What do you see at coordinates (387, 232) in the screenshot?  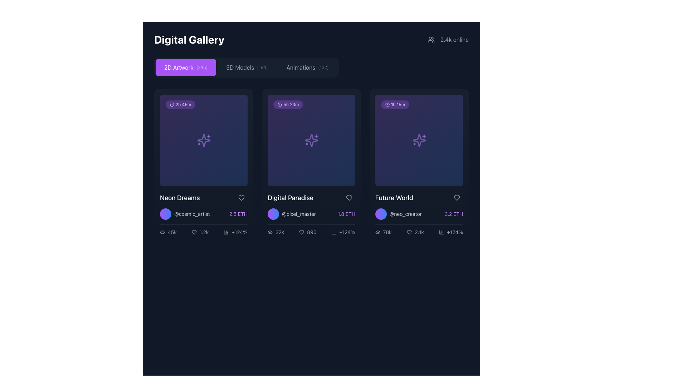 I see `the text display field indicating the number of views ('78k') within the 'Future World' card, which is part of the view count section` at bounding box center [387, 232].